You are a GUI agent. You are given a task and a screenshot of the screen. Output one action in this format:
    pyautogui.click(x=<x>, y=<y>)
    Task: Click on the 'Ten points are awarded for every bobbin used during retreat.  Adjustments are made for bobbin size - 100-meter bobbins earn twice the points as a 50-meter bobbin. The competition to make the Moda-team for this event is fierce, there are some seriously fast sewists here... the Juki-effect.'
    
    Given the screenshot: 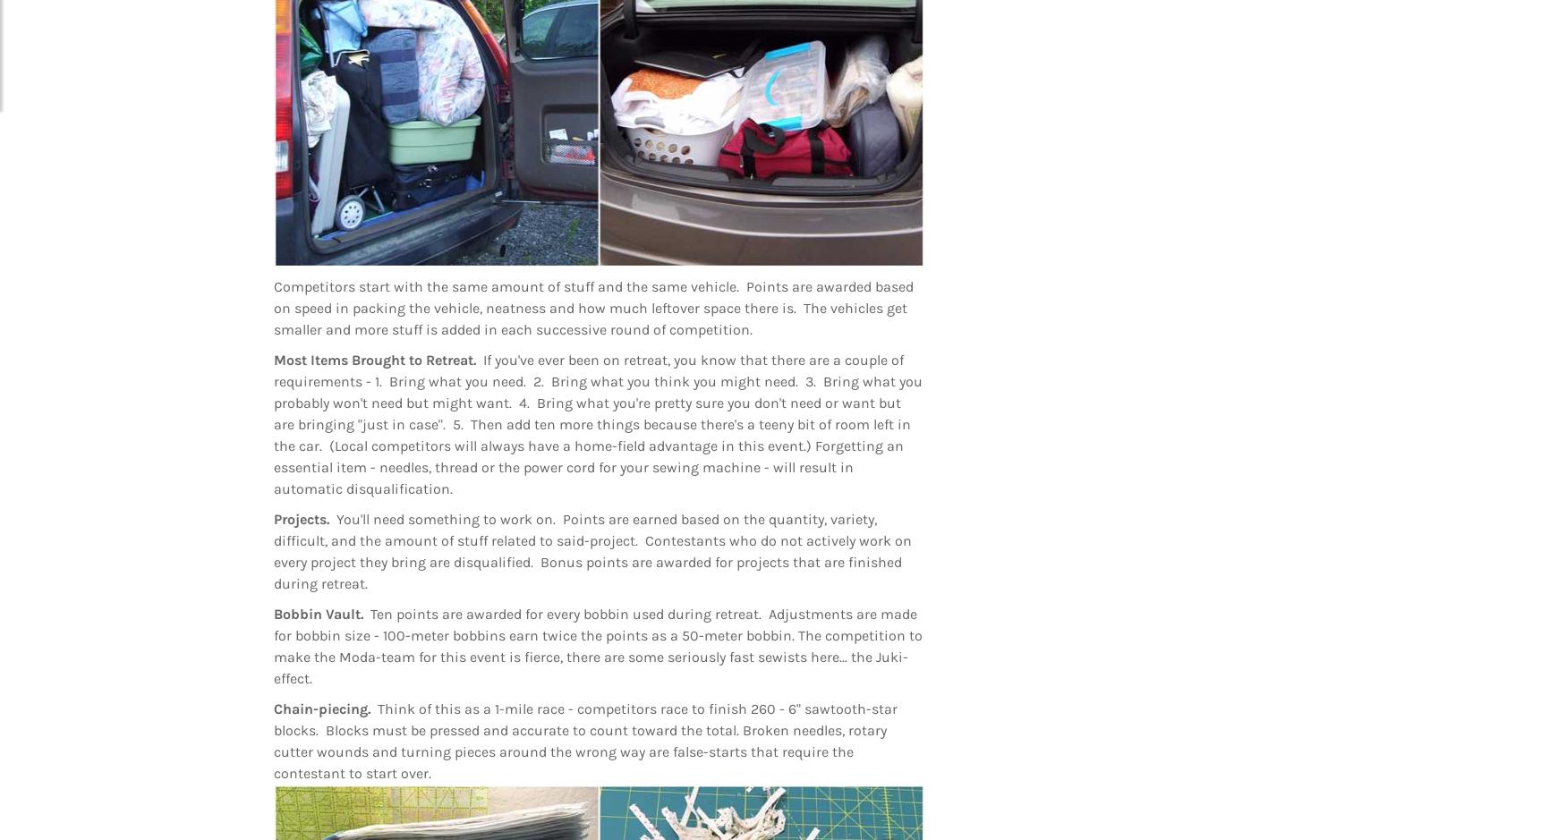 What is the action you would take?
    pyautogui.click(x=597, y=645)
    